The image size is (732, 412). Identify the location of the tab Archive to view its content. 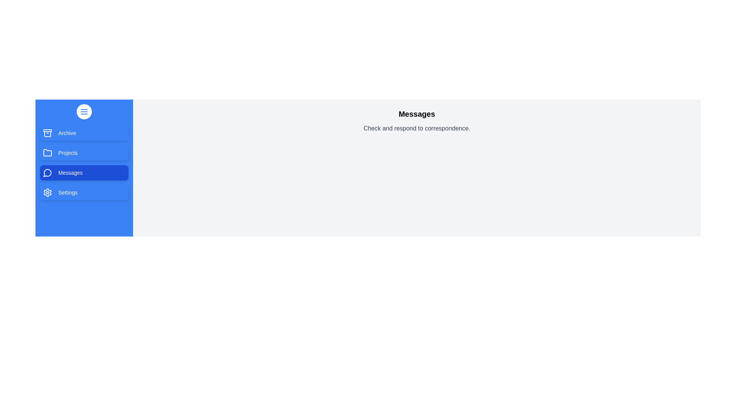
(84, 132).